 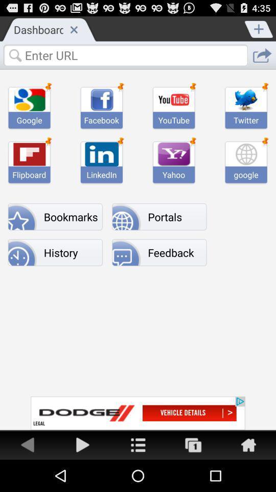 I want to click on windows, so click(x=193, y=444).